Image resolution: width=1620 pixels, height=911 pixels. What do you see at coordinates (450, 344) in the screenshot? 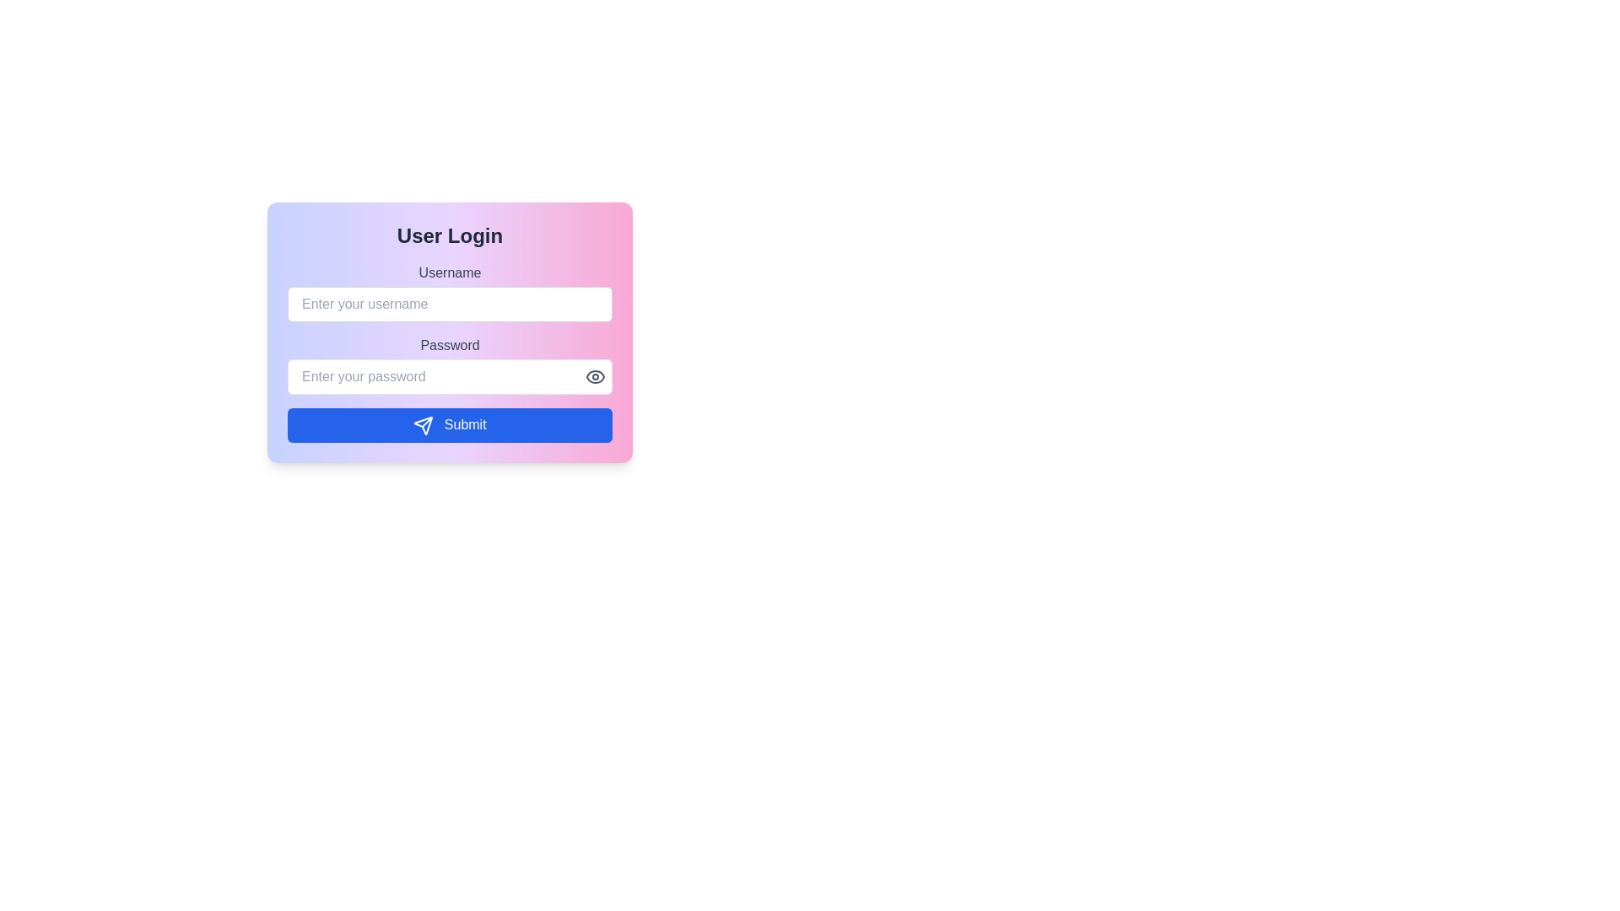
I see `the password label located in the 'User Login' form, which provides context for the password input field below it` at bounding box center [450, 344].